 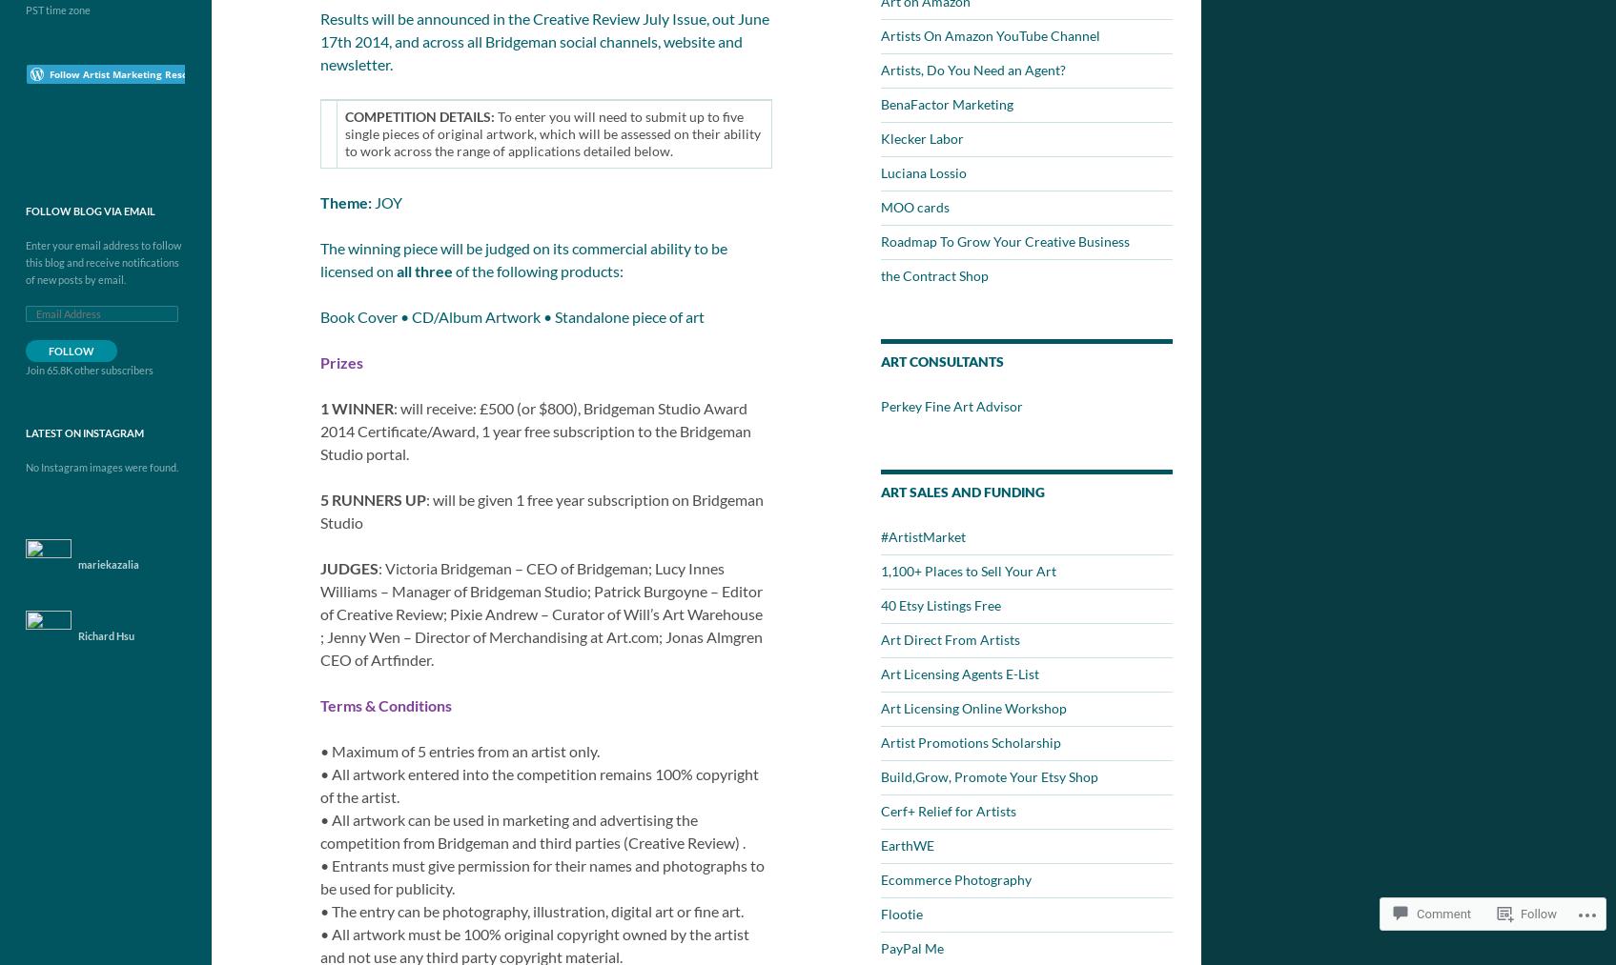 I want to click on 'PST time zone', so click(x=58, y=9).